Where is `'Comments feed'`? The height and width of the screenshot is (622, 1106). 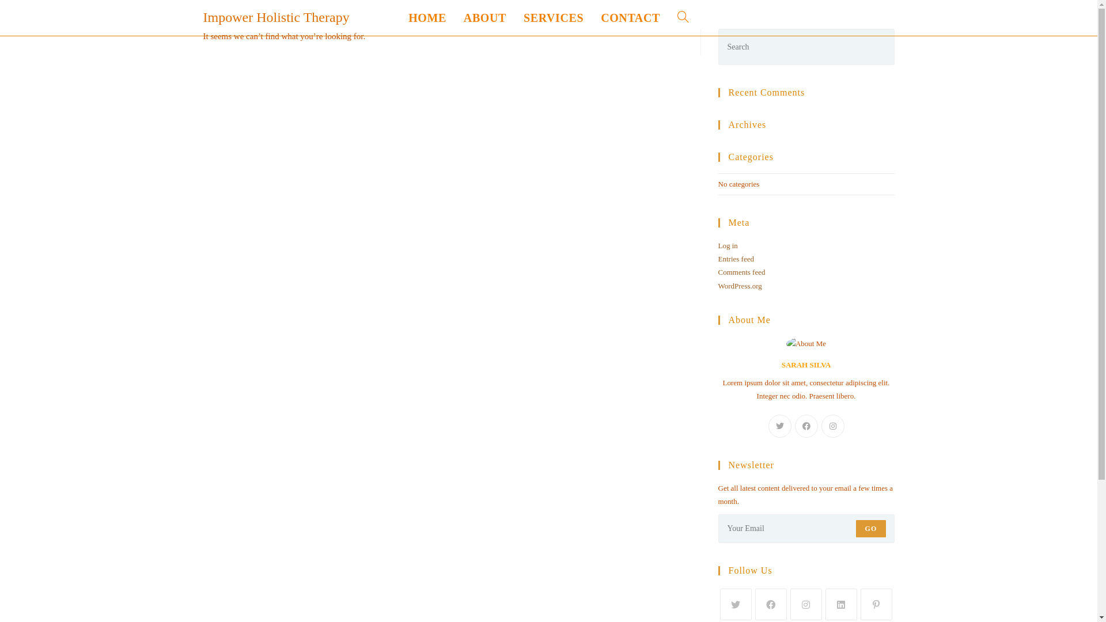
'Comments feed' is located at coordinates (741, 272).